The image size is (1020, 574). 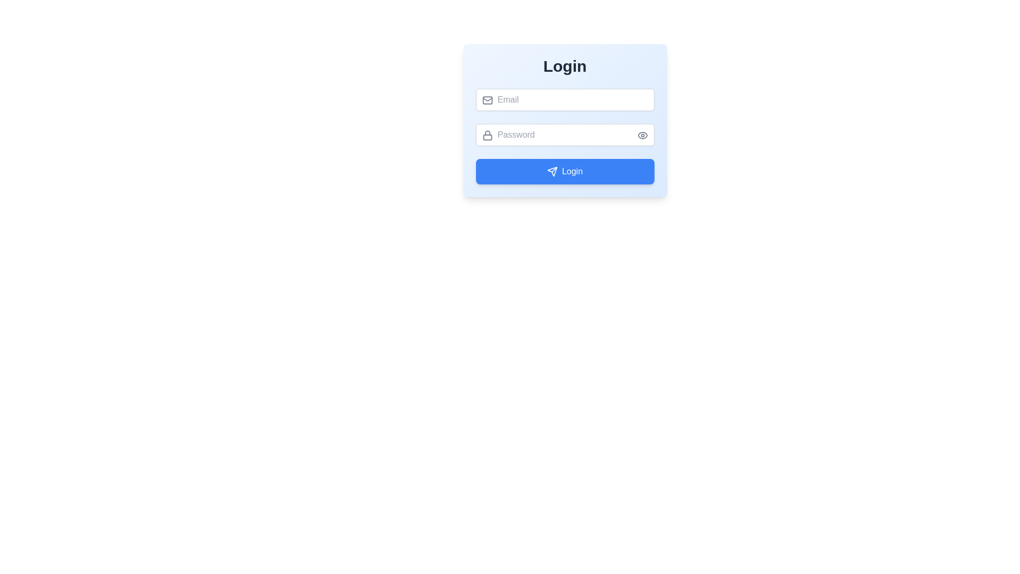 What do you see at coordinates (487, 137) in the screenshot?
I see `the decorative graphic element that serves as the base for the lock icon in the login form, located before the password input field` at bounding box center [487, 137].